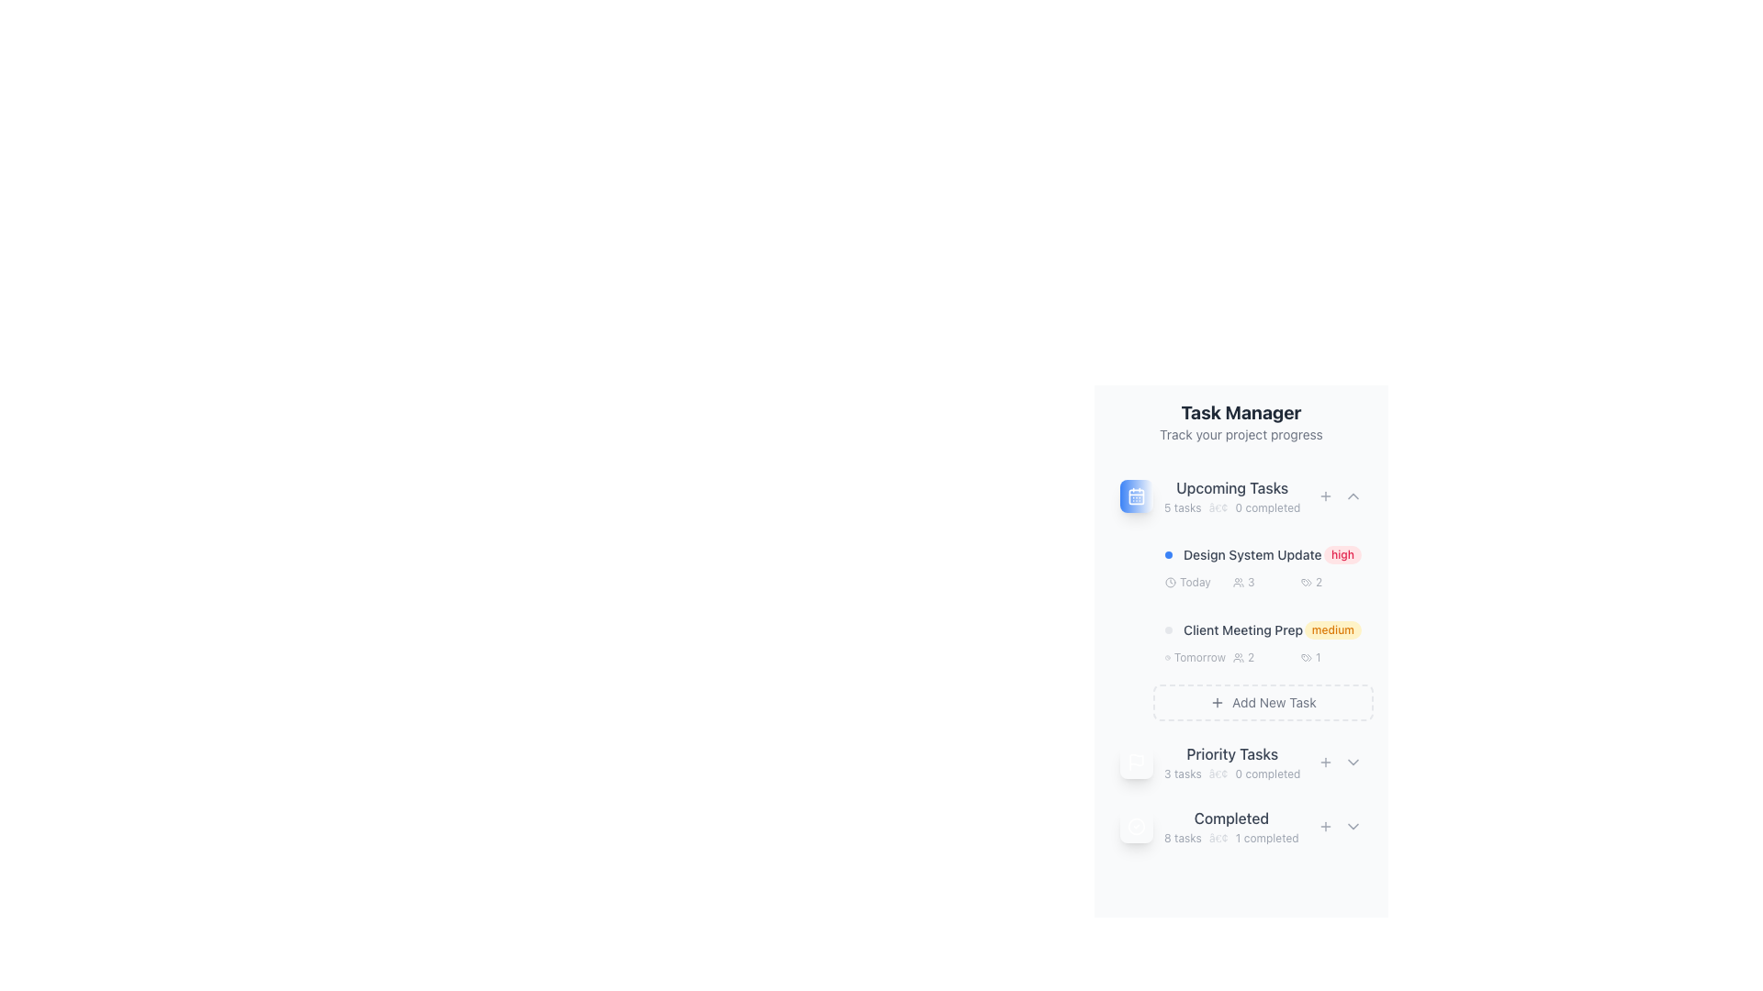 This screenshot has height=991, width=1763. Describe the element at coordinates (1195, 583) in the screenshot. I see `the static text label displaying 'Today' located under the 'Design System Update' task in the 'Upcoming Tasks' section, adjacent to the clock icon` at that location.